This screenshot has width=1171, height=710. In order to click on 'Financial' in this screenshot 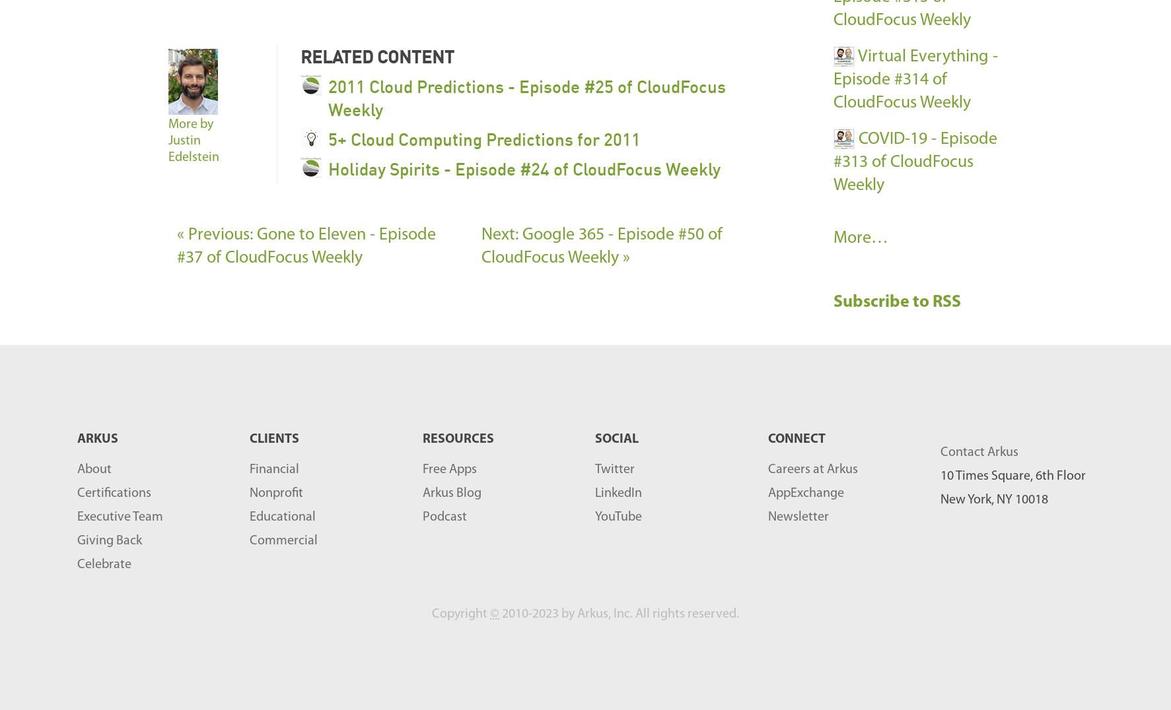, I will do `click(273, 469)`.